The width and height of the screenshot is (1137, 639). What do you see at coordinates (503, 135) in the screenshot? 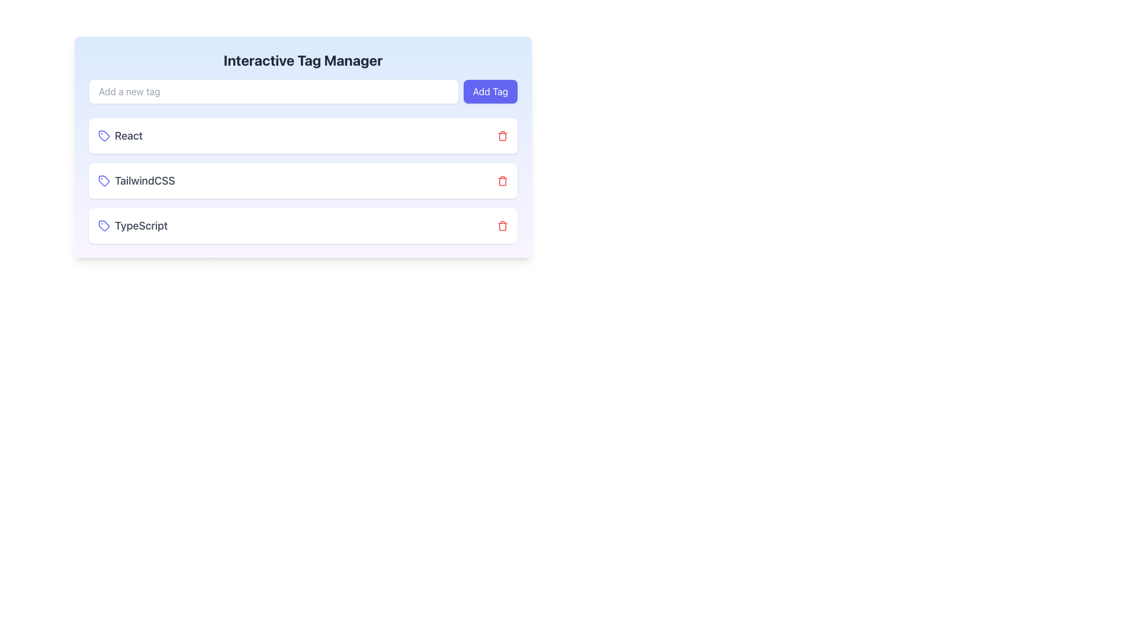
I see `the delete icon button located to the far right of the 'React' text in its respective row, which serves` at bounding box center [503, 135].